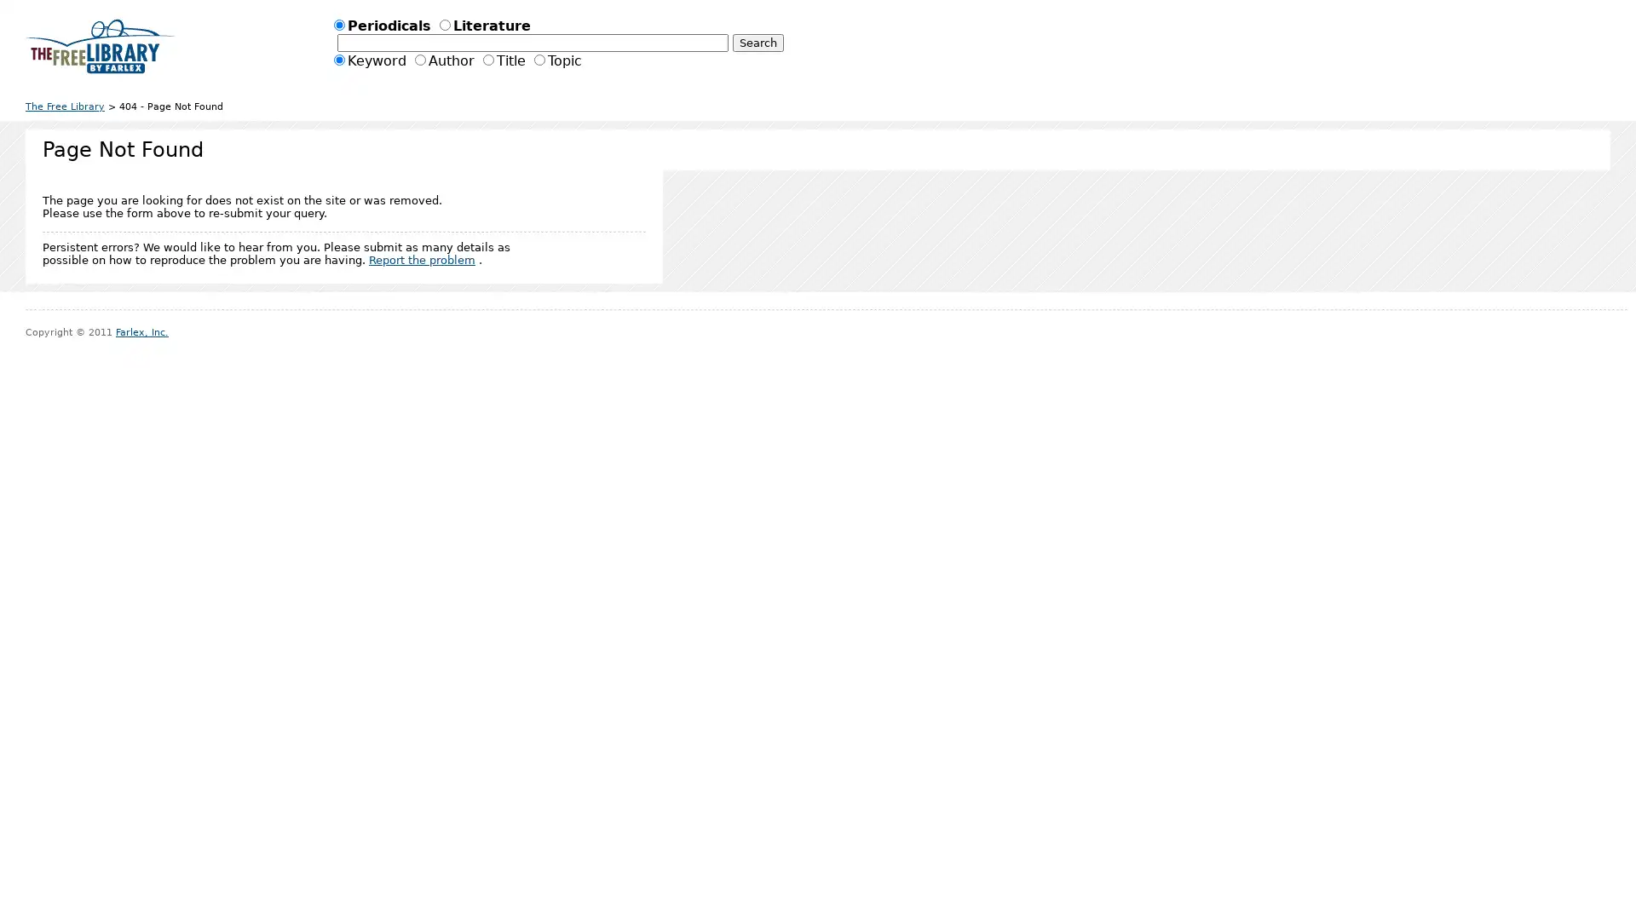 The height and width of the screenshot is (920, 1636). Describe the element at coordinates (756, 42) in the screenshot. I see `Search` at that location.